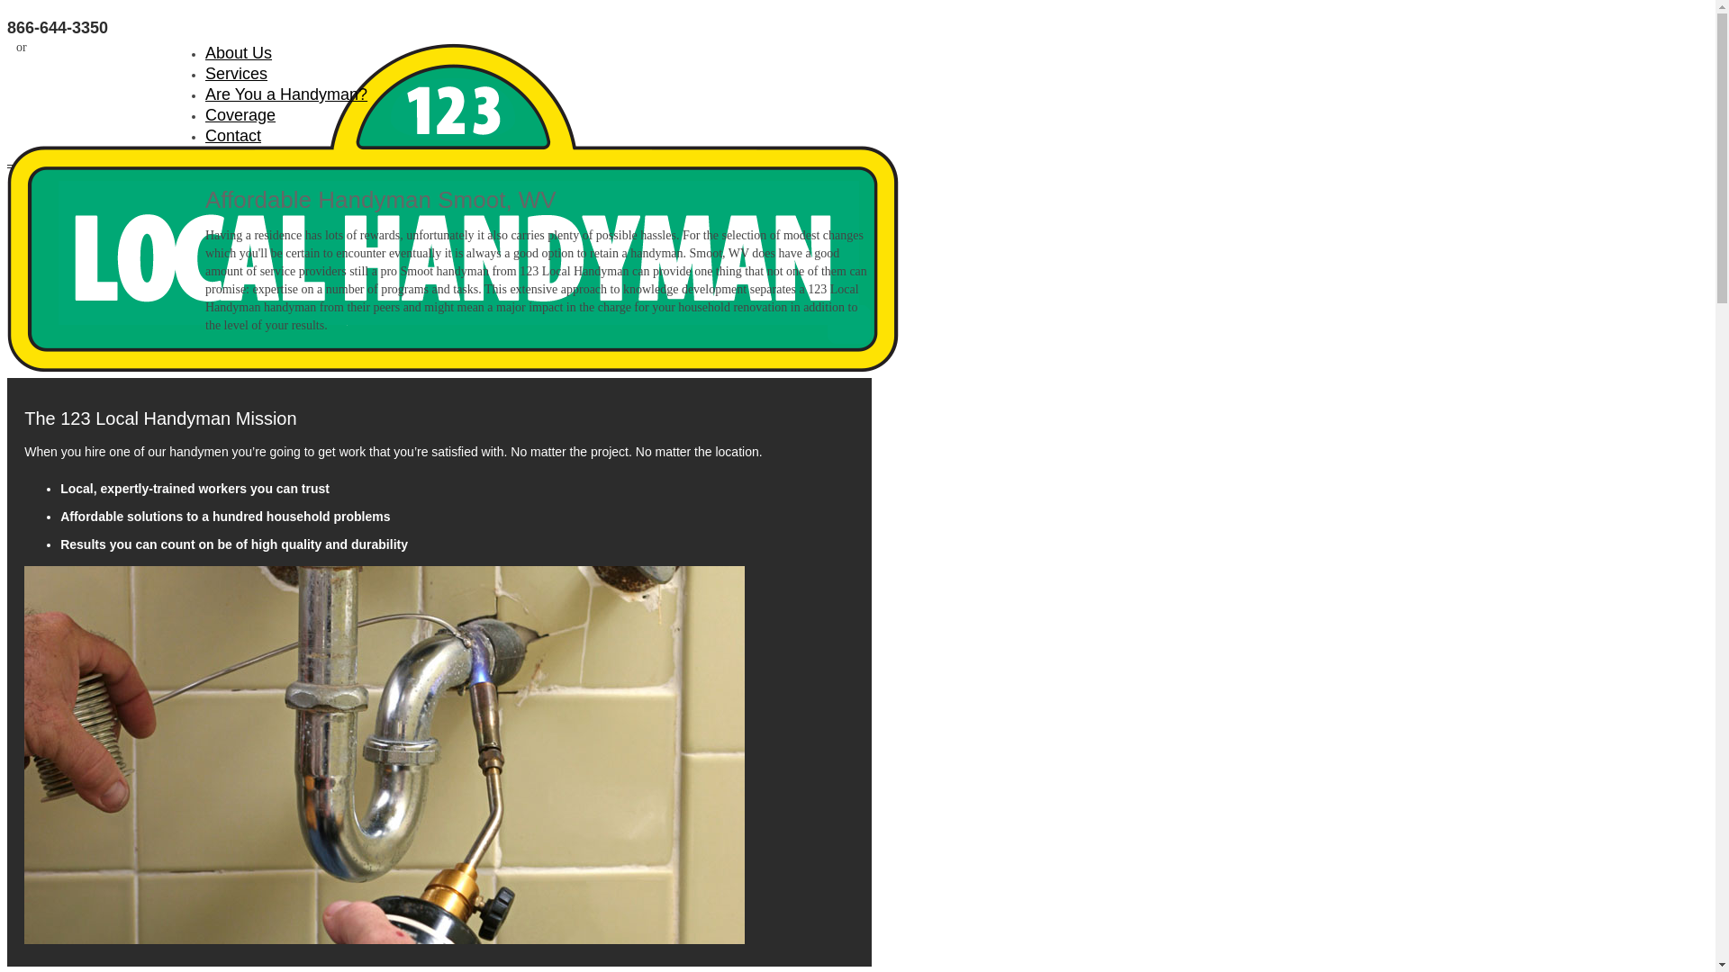  Describe the element at coordinates (285, 94) in the screenshot. I see `'Are You a Handyman?'` at that location.